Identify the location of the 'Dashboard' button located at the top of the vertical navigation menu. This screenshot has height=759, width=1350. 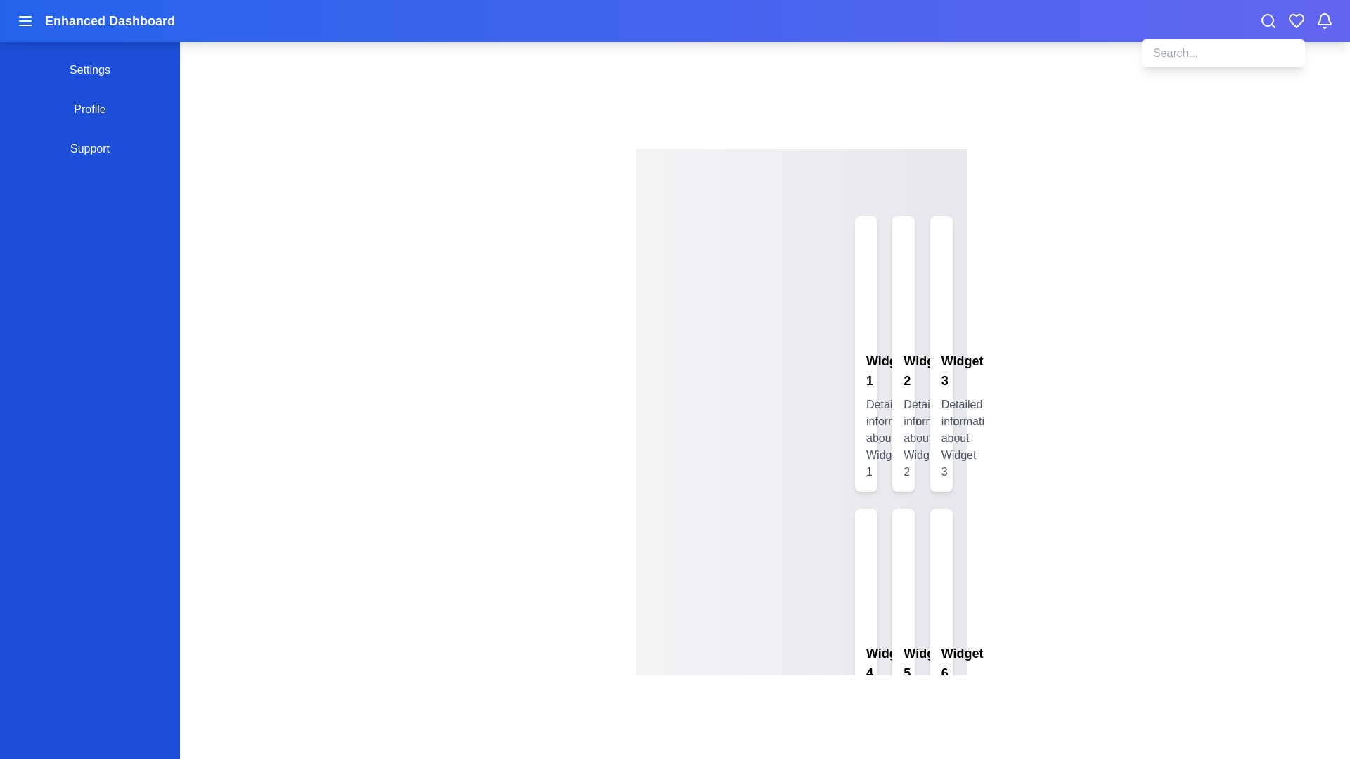
(89, 30).